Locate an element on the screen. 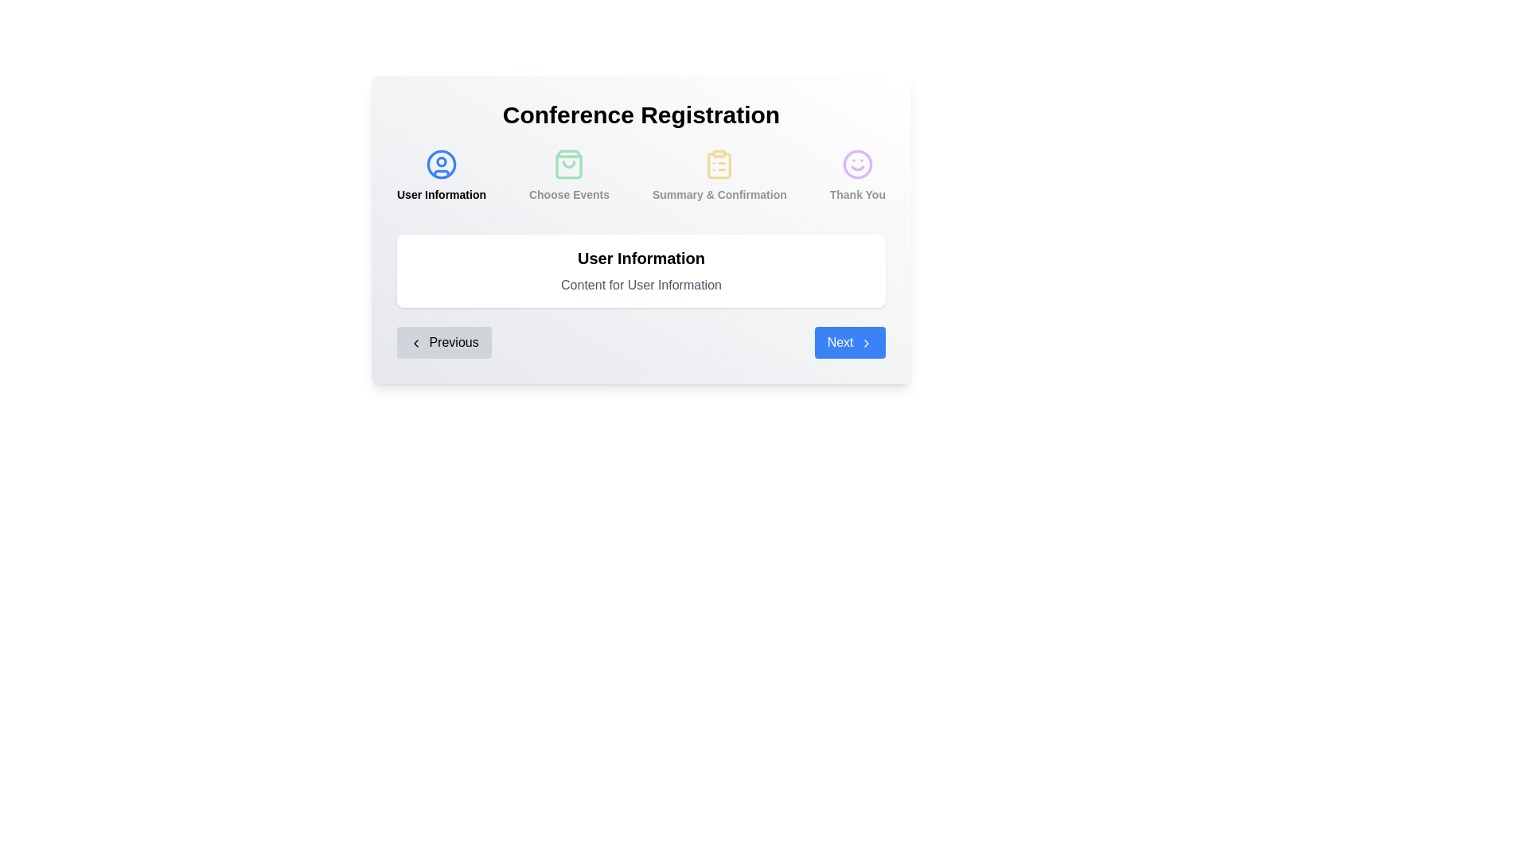 The height and width of the screenshot is (859, 1528). the shopping bag icon, which is green, rounded, and part of the conference registration steps, positioned between 'User Information' and 'Summary & Confirmation' with the label 'Choose Events' underneath is located at coordinates (569, 165).